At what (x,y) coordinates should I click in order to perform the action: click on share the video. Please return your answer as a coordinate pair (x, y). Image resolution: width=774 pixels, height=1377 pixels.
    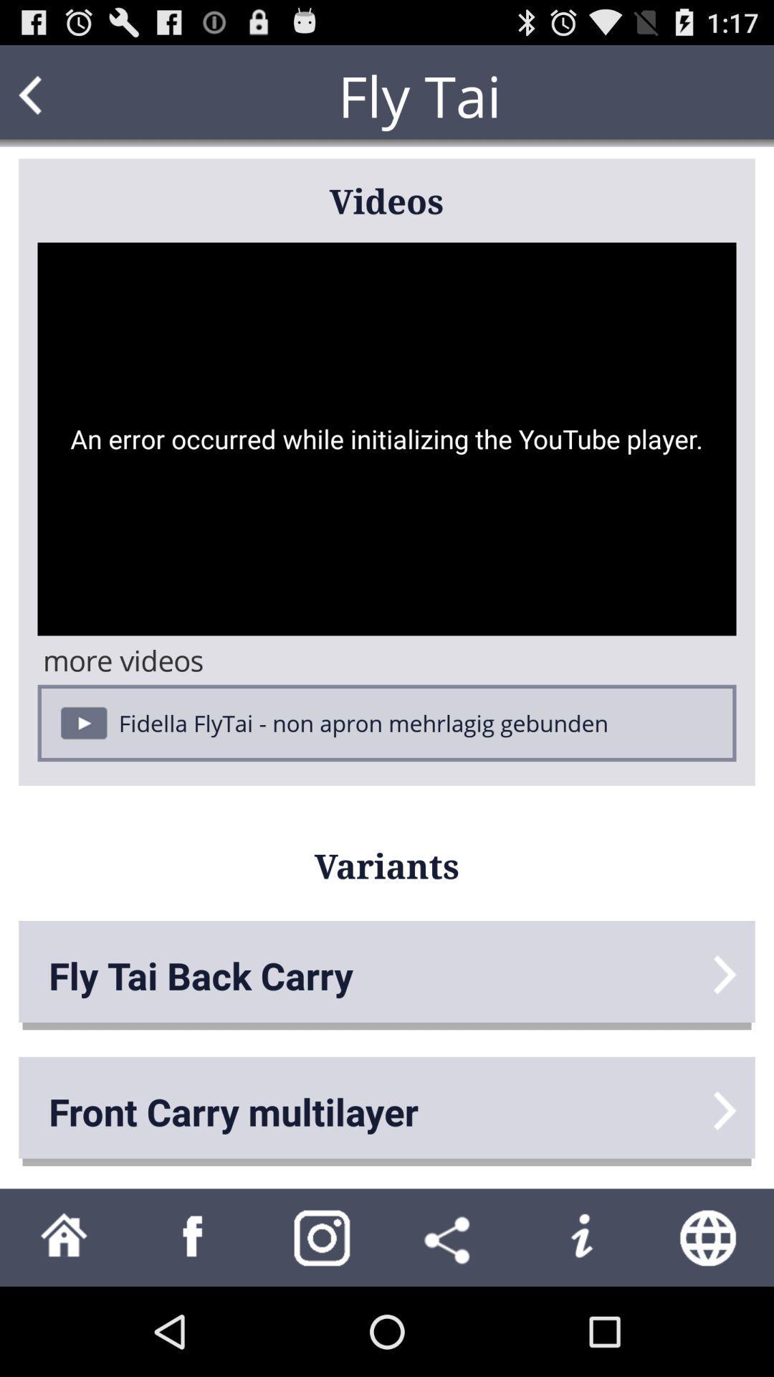
    Looking at the image, I should click on (450, 1236).